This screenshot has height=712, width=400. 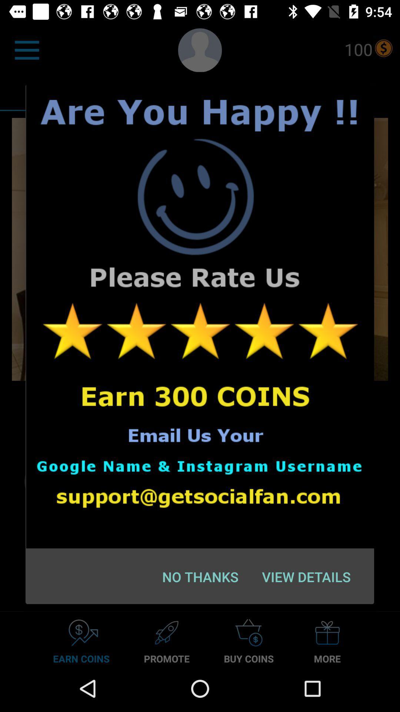 What do you see at coordinates (200, 576) in the screenshot?
I see `the item next to the view details item` at bounding box center [200, 576].